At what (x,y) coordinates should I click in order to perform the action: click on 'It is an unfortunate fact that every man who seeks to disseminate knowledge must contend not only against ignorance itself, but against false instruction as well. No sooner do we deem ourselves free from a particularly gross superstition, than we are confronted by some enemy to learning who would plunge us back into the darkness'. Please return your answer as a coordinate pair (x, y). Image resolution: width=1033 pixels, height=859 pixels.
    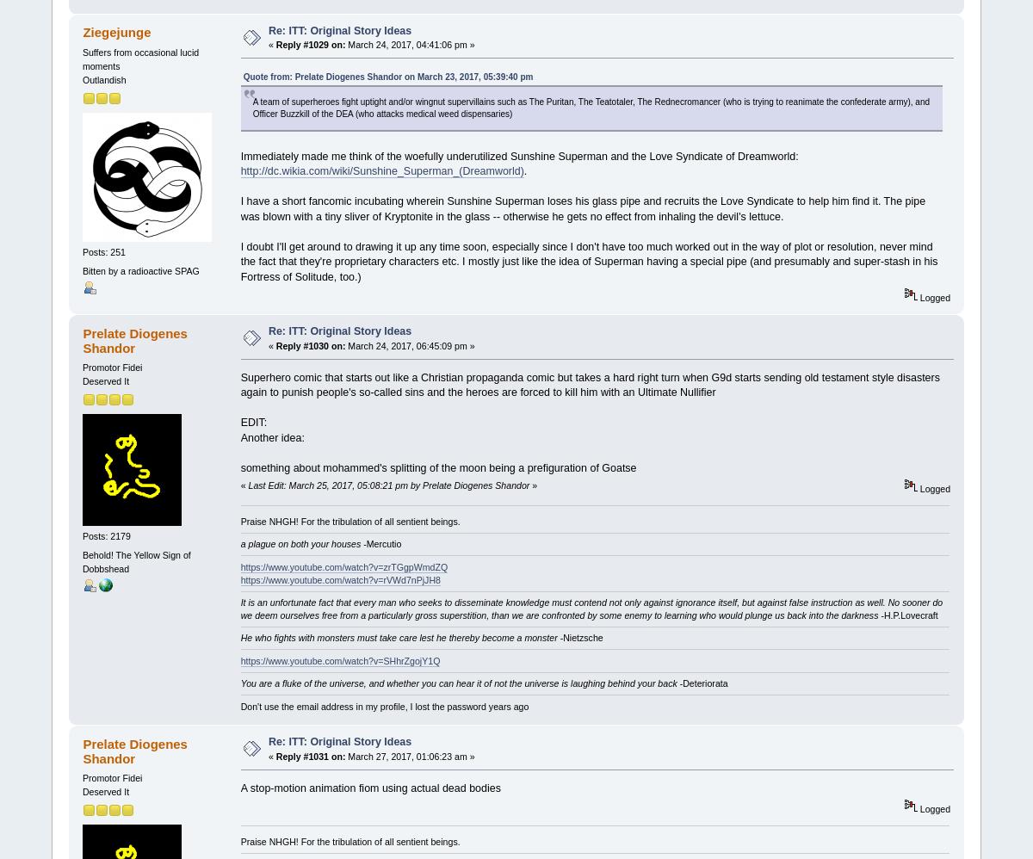
    Looking at the image, I should click on (591, 608).